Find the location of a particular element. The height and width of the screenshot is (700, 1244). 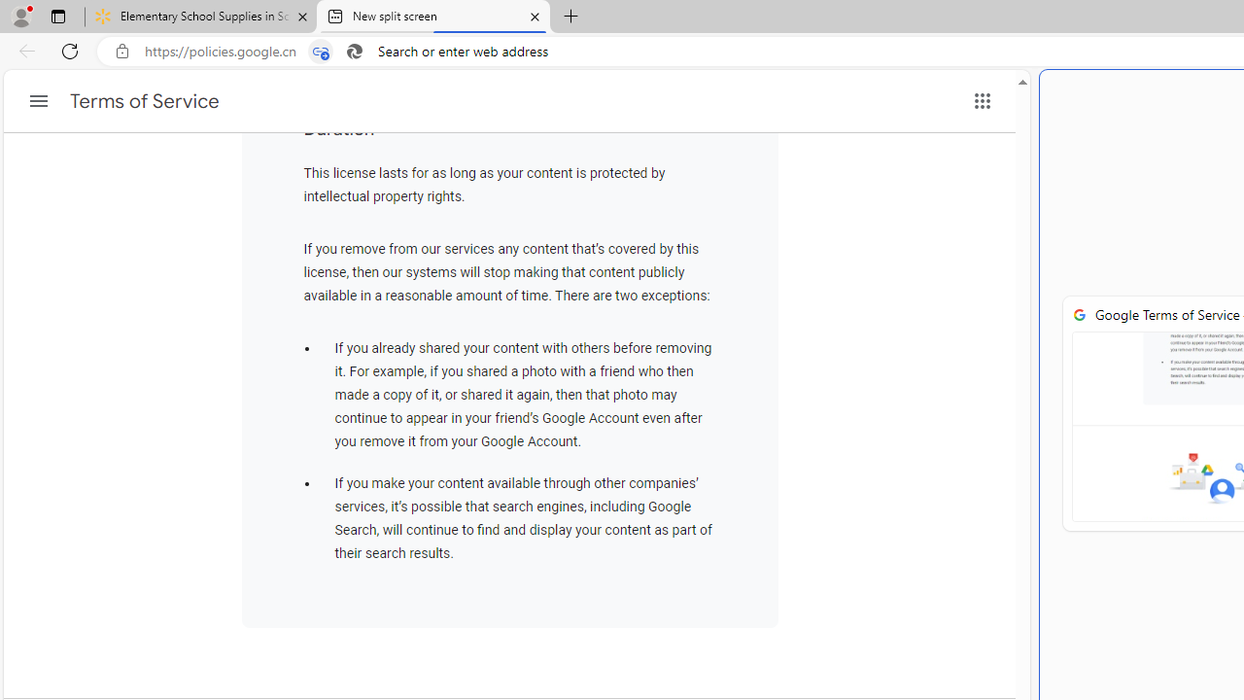

'Tab actions menu' is located at coordinates (57, 16).